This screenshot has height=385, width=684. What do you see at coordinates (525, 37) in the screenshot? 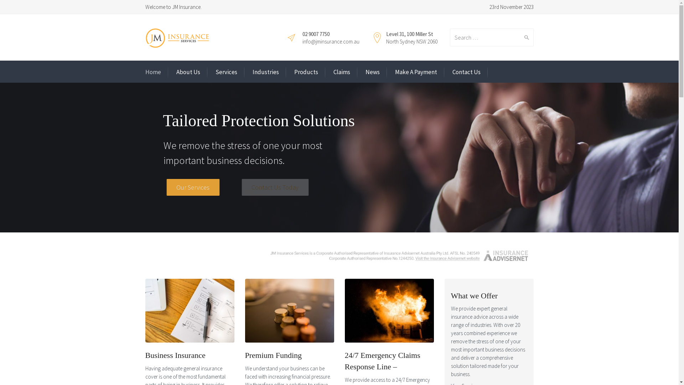
I see `'Search'` at bounding box center [525, 37].